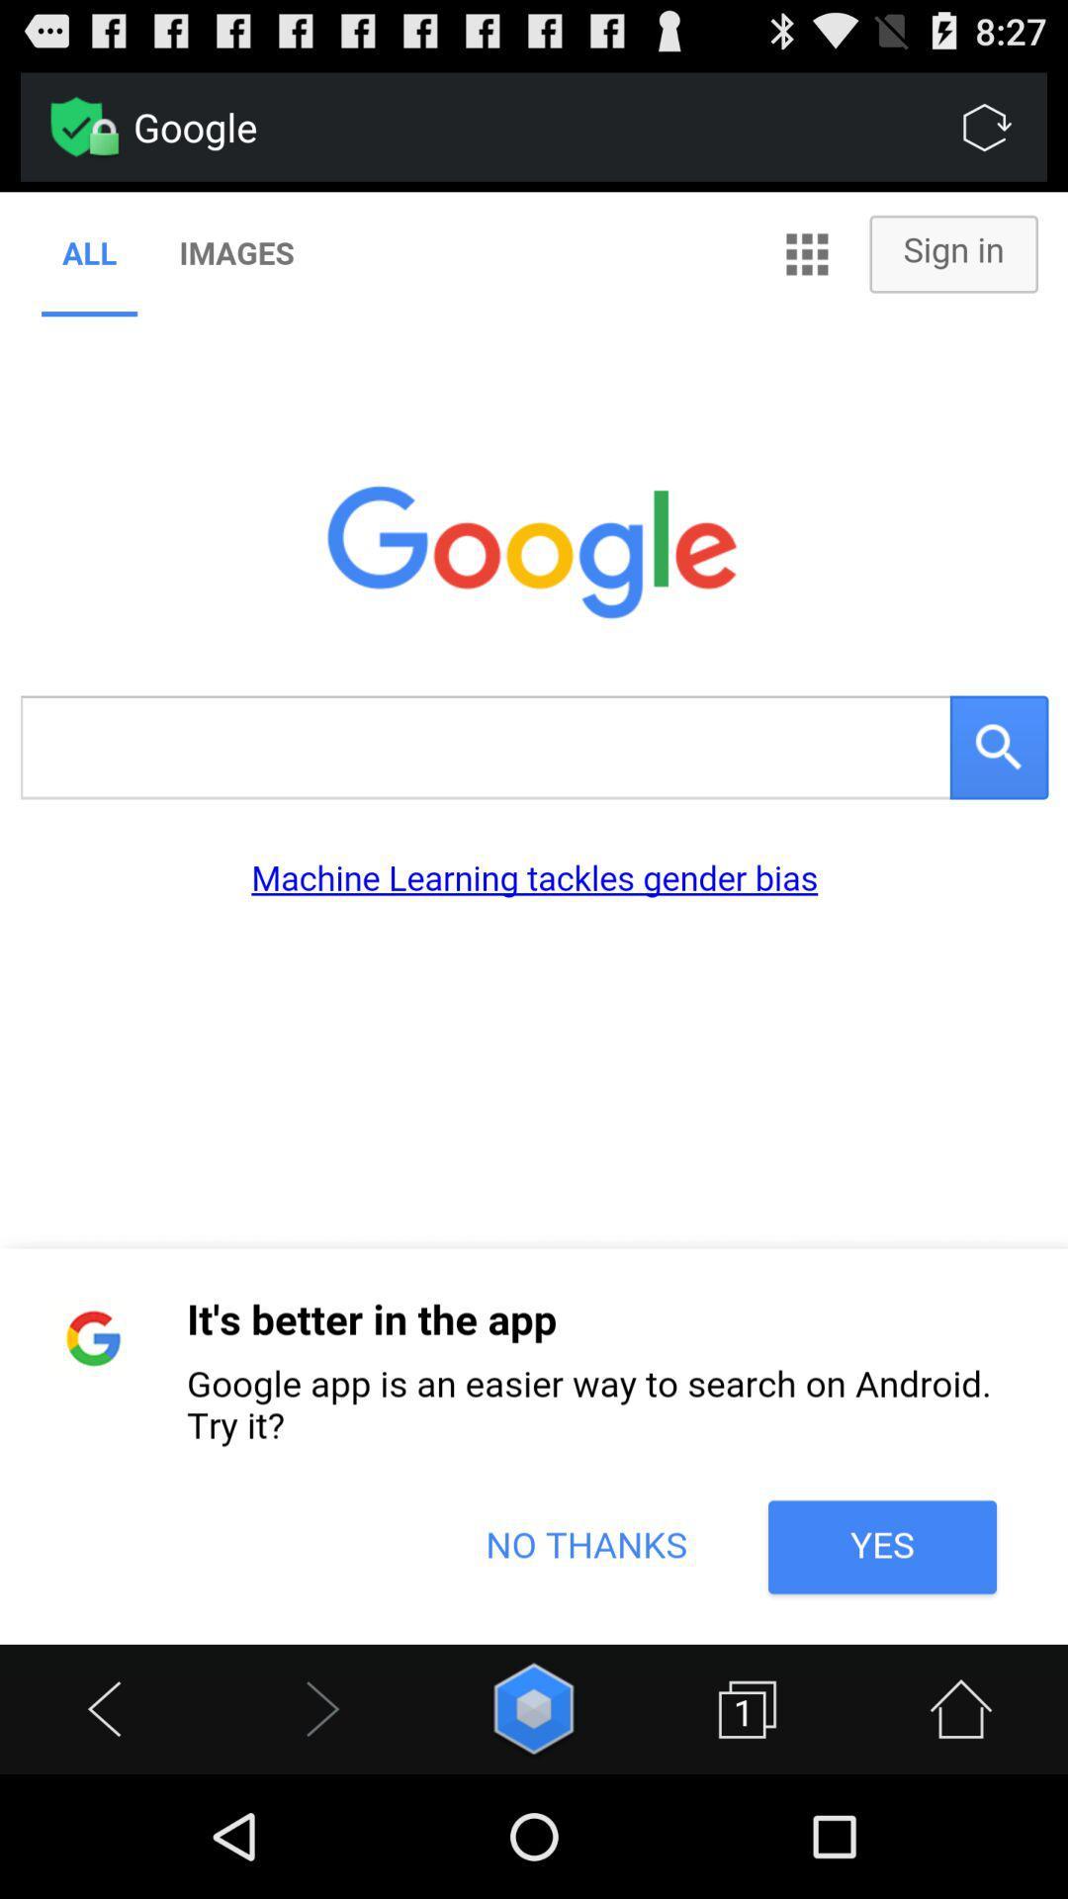 The image size is (1068, 1899). What do you see at coordinates (534, 917) in the screenshot?
I see `google homepage` at bounding box center [534, 917].